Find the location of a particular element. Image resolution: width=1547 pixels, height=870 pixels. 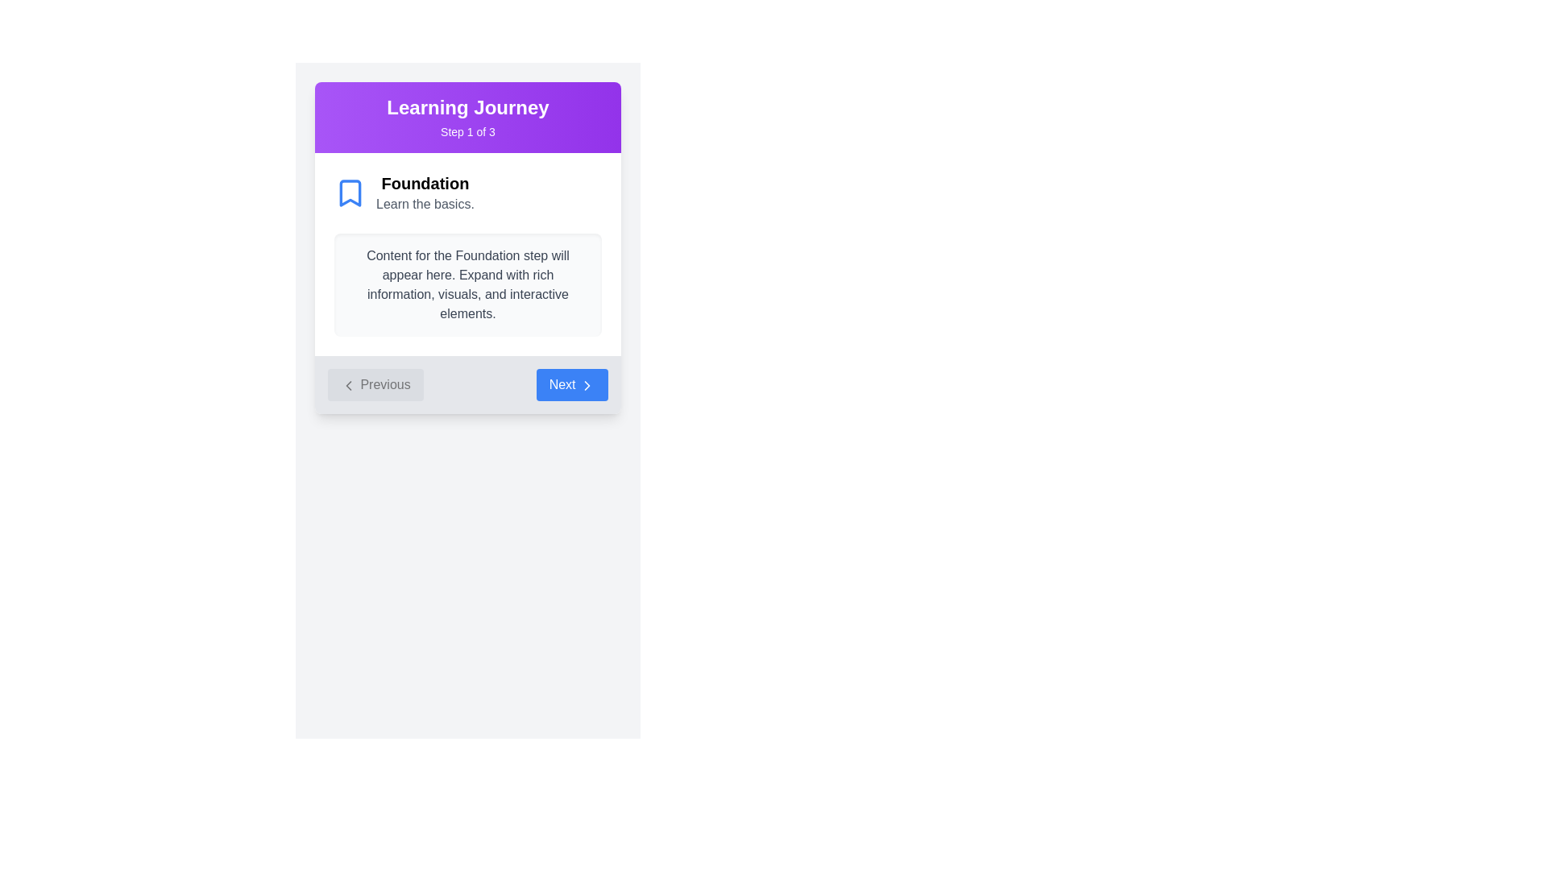

information displayed in the text label 'Step 1 of 3' which is styled in white against a purple background, located below the heading 'Learning Journey.' is located at coordinates (467, 131).